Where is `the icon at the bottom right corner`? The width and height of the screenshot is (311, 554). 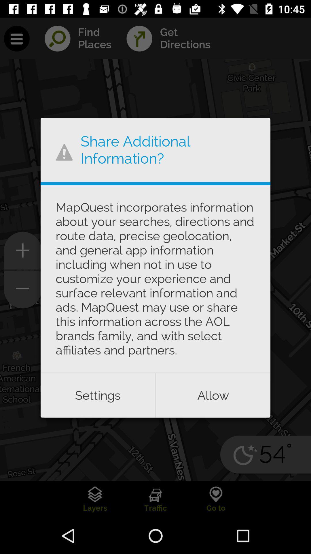
the icon at the bottom right corner is located at coordinates (213, 395).